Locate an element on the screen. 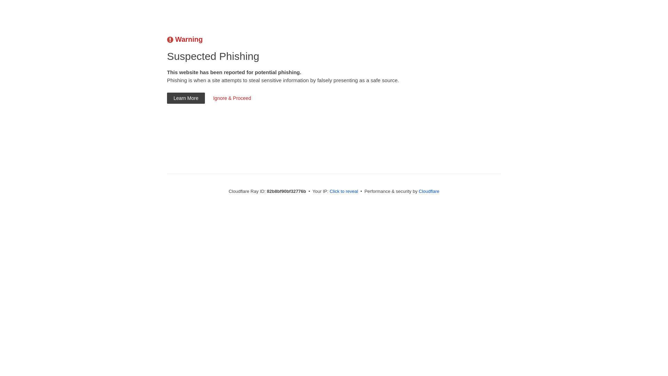  'Click to reveal' is located at coordinates (329, 191).